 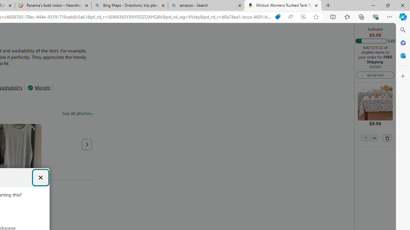 I want to click on 'Outlook', so click(x=403, y=55).